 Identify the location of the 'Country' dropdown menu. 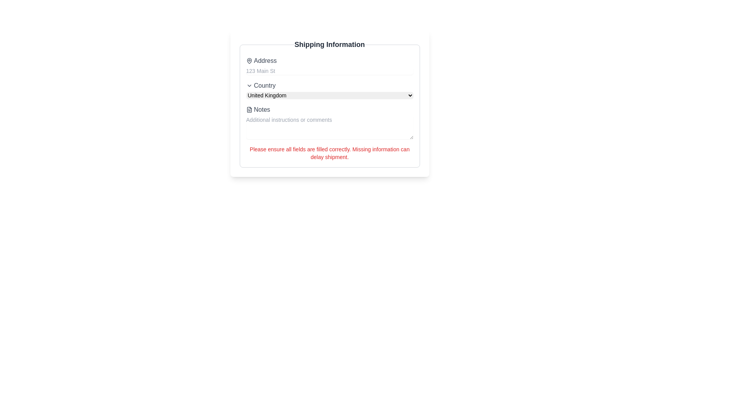
(329, 89).